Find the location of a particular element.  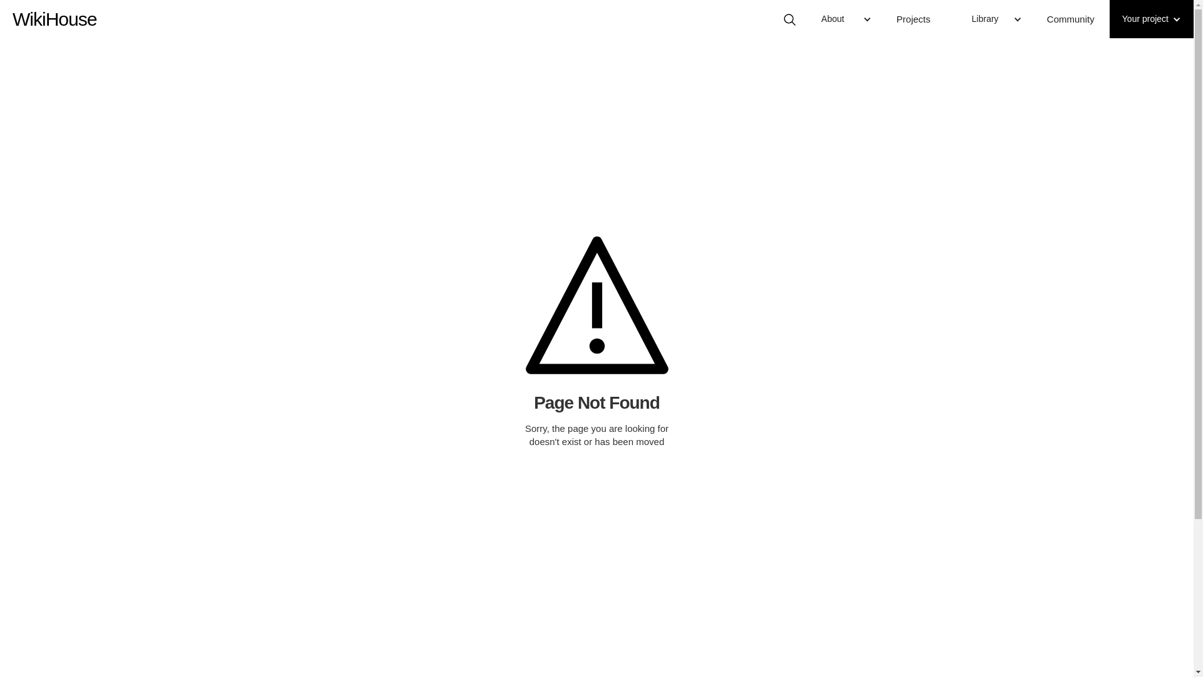

'WikiHouse' is located at coordinates (53, 13).